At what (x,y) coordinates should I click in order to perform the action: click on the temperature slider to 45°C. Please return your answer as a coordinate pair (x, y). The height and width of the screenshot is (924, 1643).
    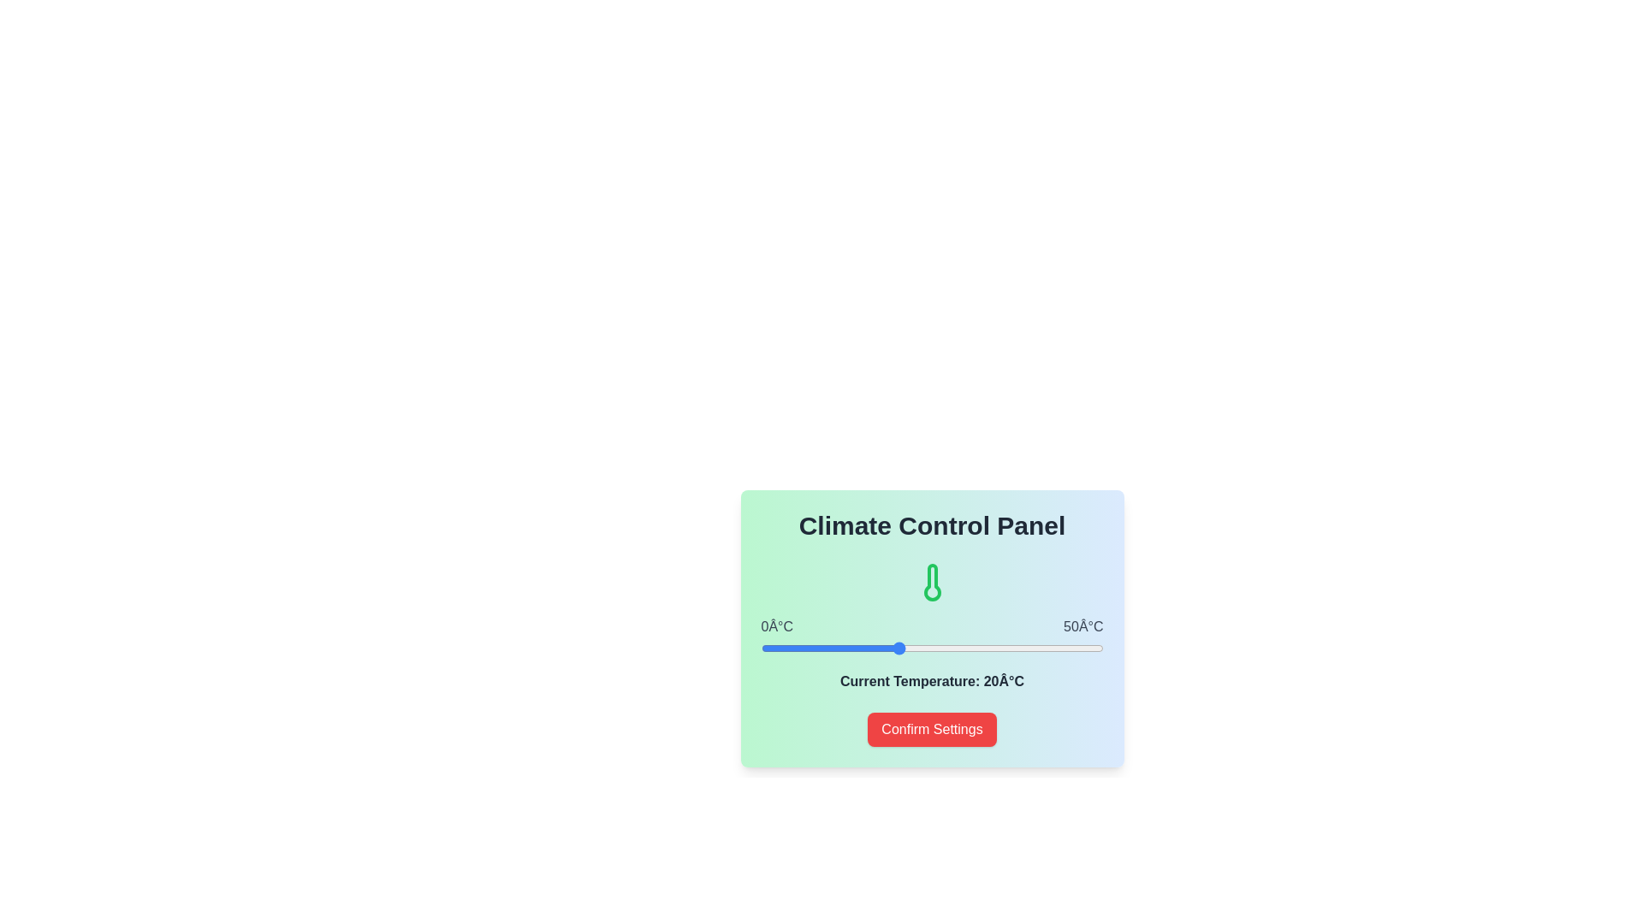
    Looking at the image, I should click on (1068, 649).